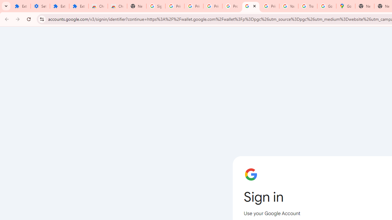 Image resolution: width=392 pixels, height=220 pixels. What do you see at coordinates (136, 6) in the screenshot?
I see `'New Tab'` at bounding box center [136, 6].